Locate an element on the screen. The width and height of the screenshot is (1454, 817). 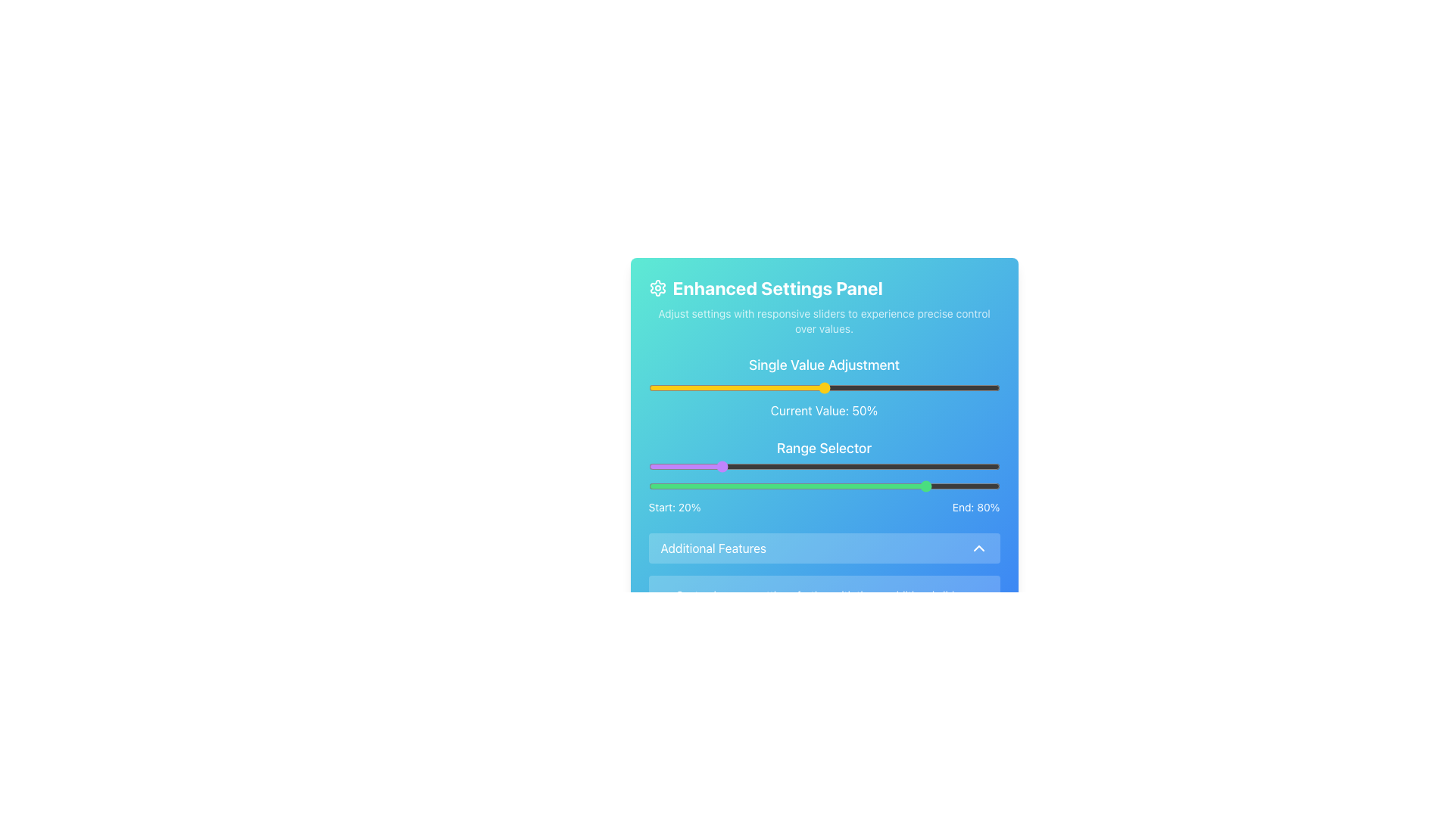
the slider value is located at coordinates (975, 387).